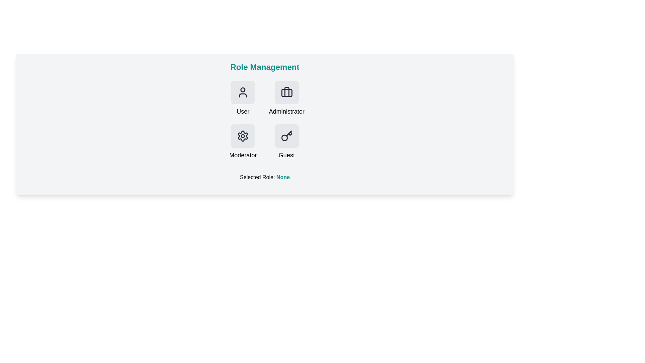  I want to click on static text label displaying the current user role, which indicates 'None', so click(283, 177).